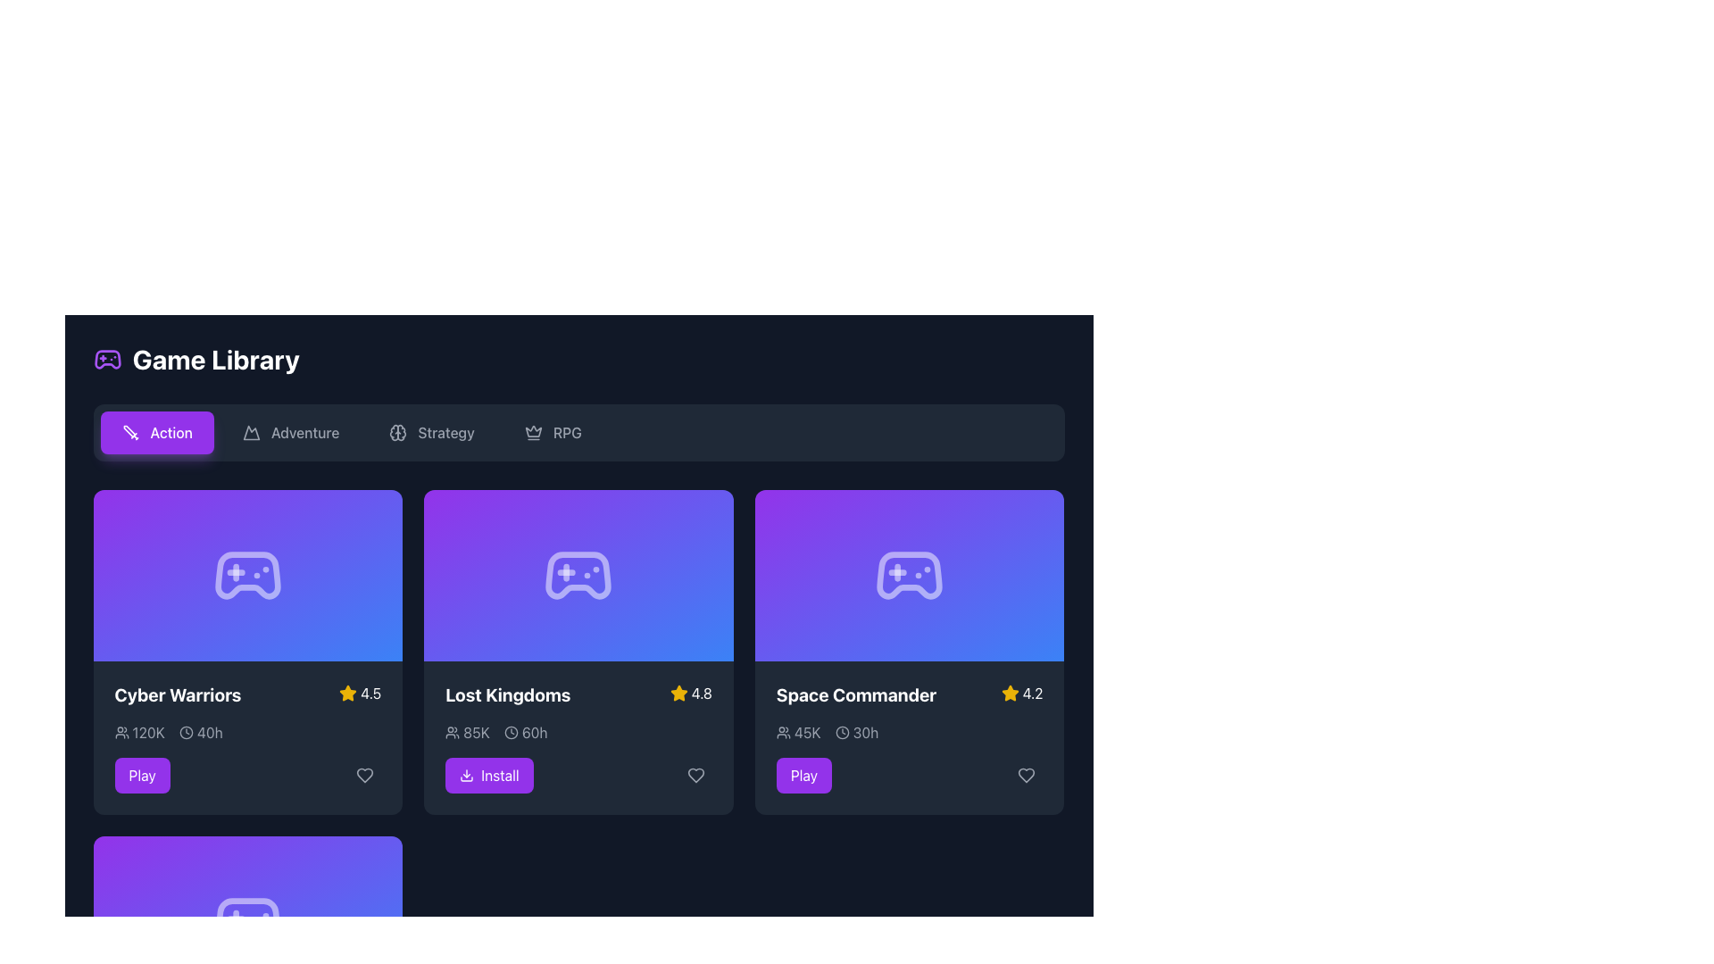 The height and width of the screenshot is (964, 1714). I want to click on the user icon that visually represents the number of participants, located to the left of the numeric data '120K' in the 'Cyber Warriors' card, so click(121, 733).